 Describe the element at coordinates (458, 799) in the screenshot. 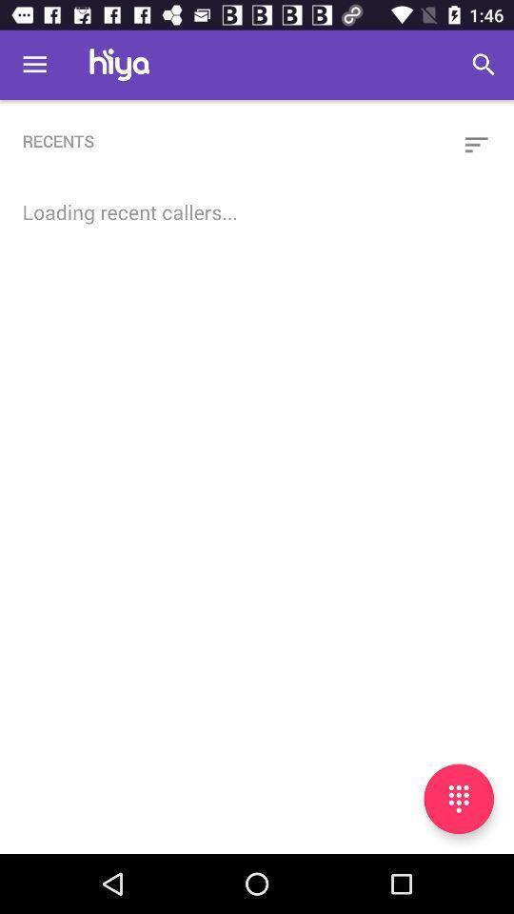

I see `the dialpad icon` at that location.